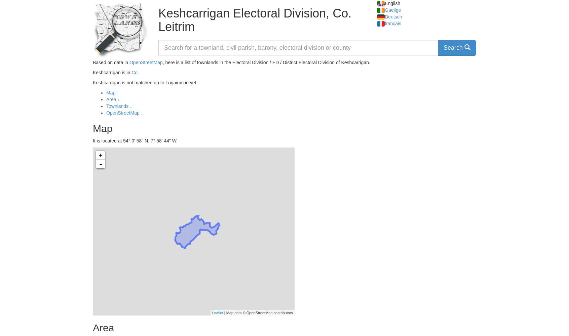 The width and height of the screenshot is (569, 336). What do you see at coordinates (119, 106) in the screenshot?
I see `'Townlands ↓'` at bounding box center [119, 106].